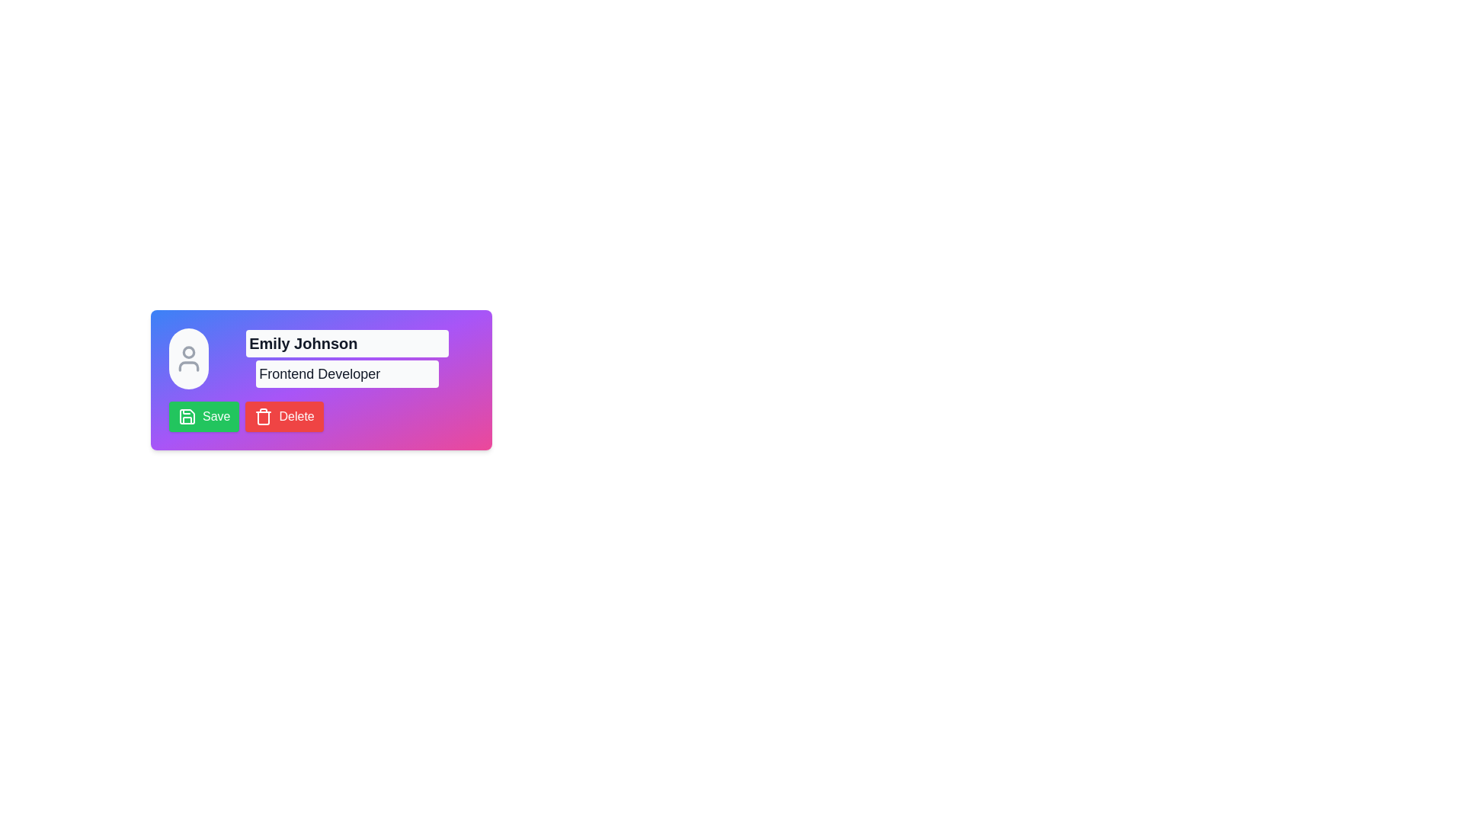 The image size is (1463, 823). Describe the element at coordinates (215, 417) in the screenshot. I see `the 'Save' text label, which is styled in white on a green background, located in the lower-left area of the interface within a button structure` at that location.